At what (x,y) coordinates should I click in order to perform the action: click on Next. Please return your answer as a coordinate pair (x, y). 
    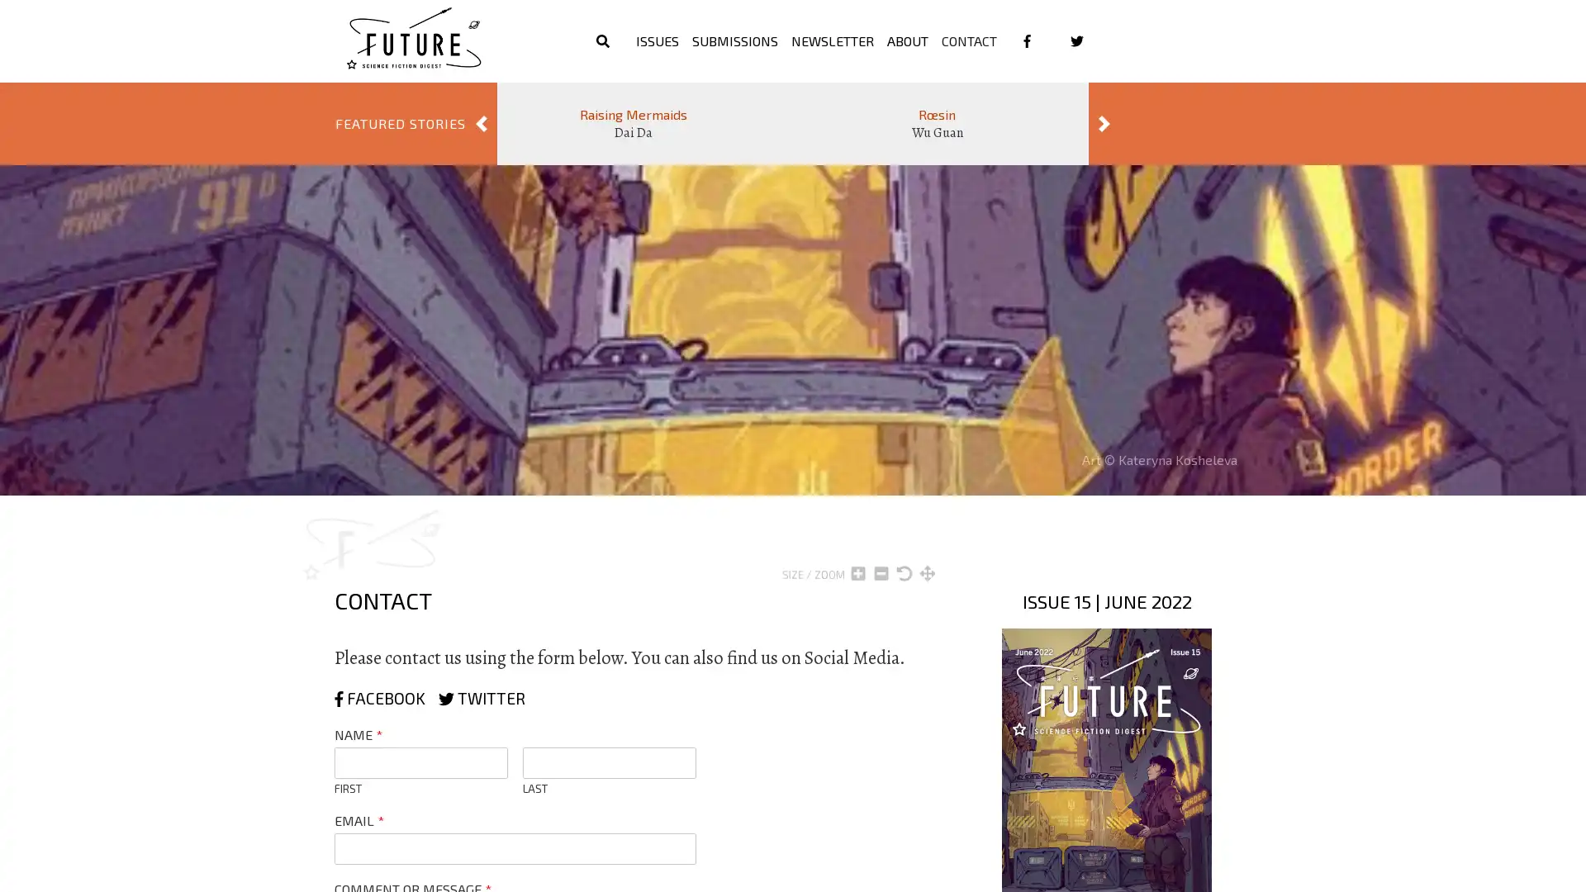
    Looking at the image, I should click on (1104, 123).